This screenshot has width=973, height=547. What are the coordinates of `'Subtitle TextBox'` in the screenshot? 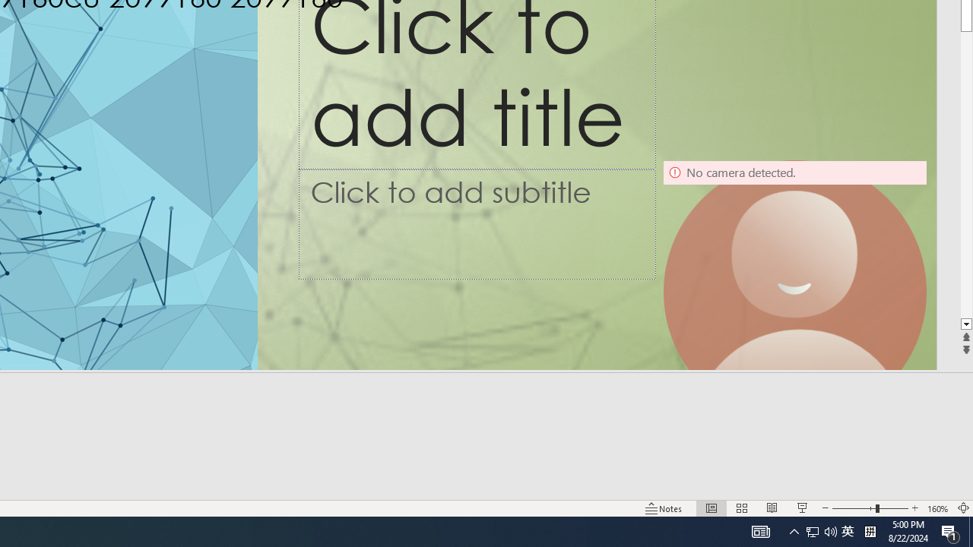 It's located at (476, 223).